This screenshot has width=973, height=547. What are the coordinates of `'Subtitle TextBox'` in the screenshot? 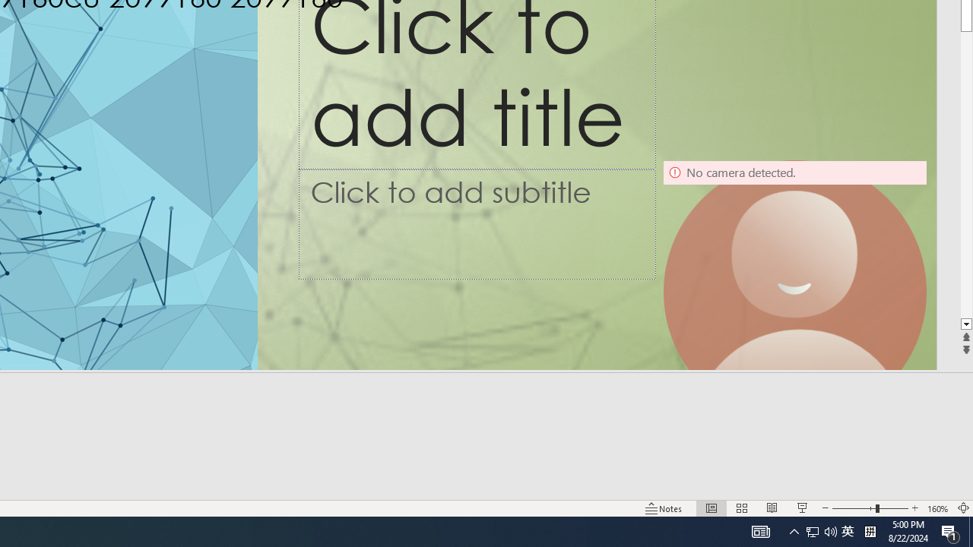 It's located at (476, 223).